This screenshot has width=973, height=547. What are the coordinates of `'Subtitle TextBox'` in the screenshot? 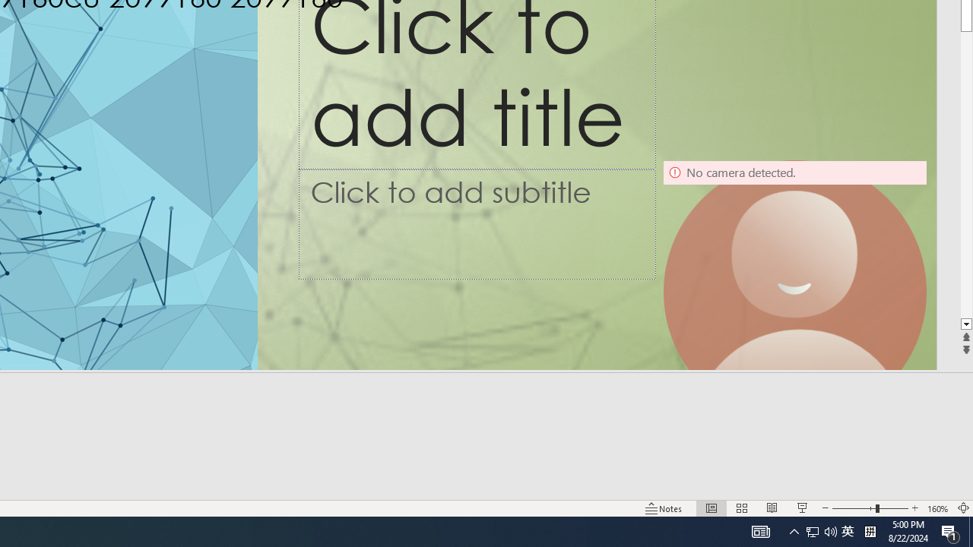 It's located at (476, 223).